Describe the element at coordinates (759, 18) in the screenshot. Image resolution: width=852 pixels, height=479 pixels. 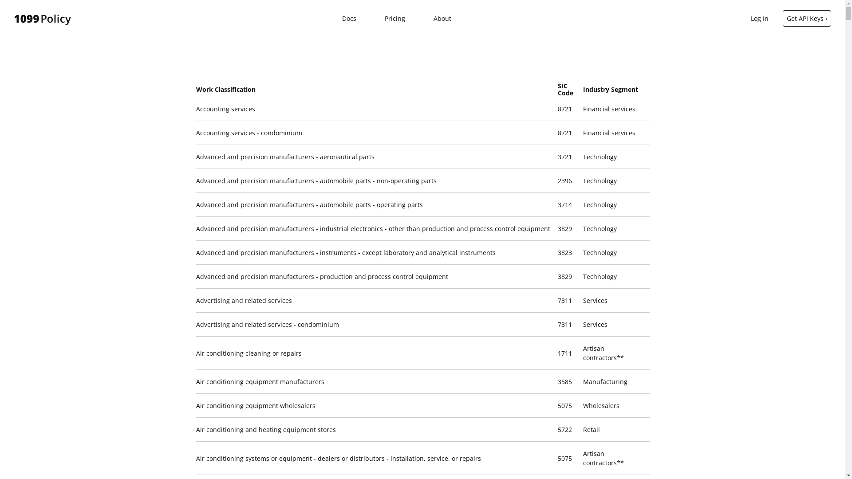
I see `'Log In'` at that location.